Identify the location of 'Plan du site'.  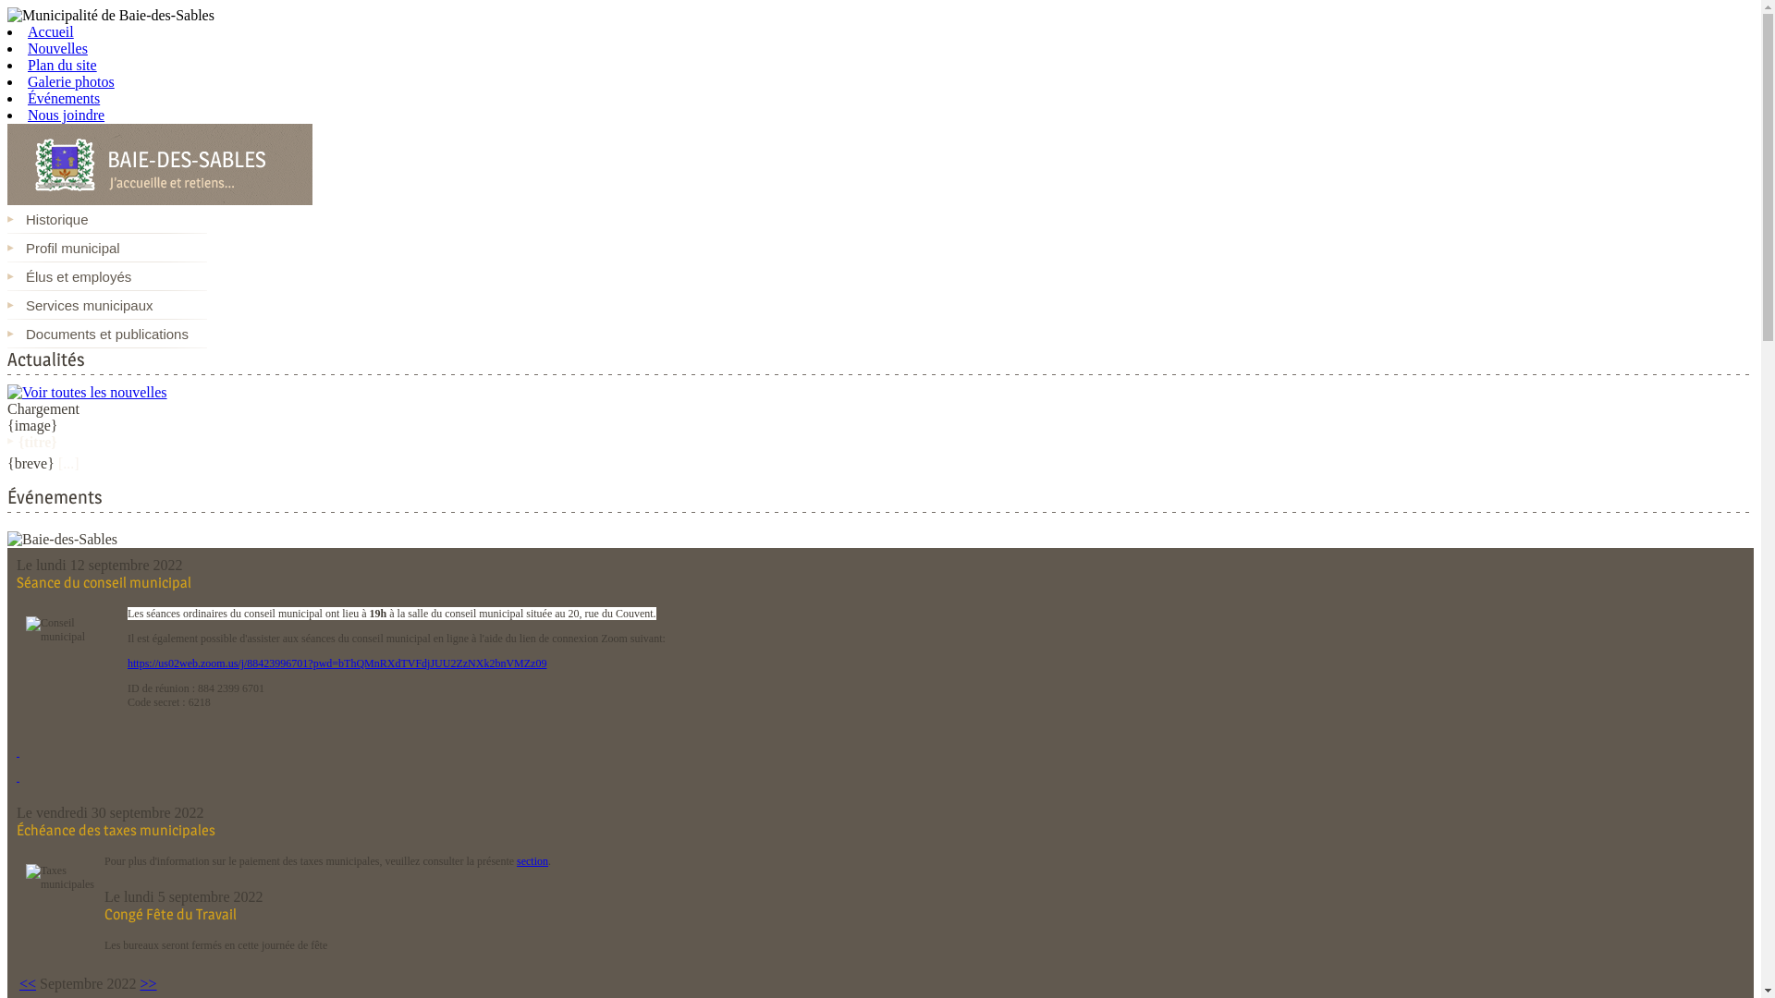
(27, 64).